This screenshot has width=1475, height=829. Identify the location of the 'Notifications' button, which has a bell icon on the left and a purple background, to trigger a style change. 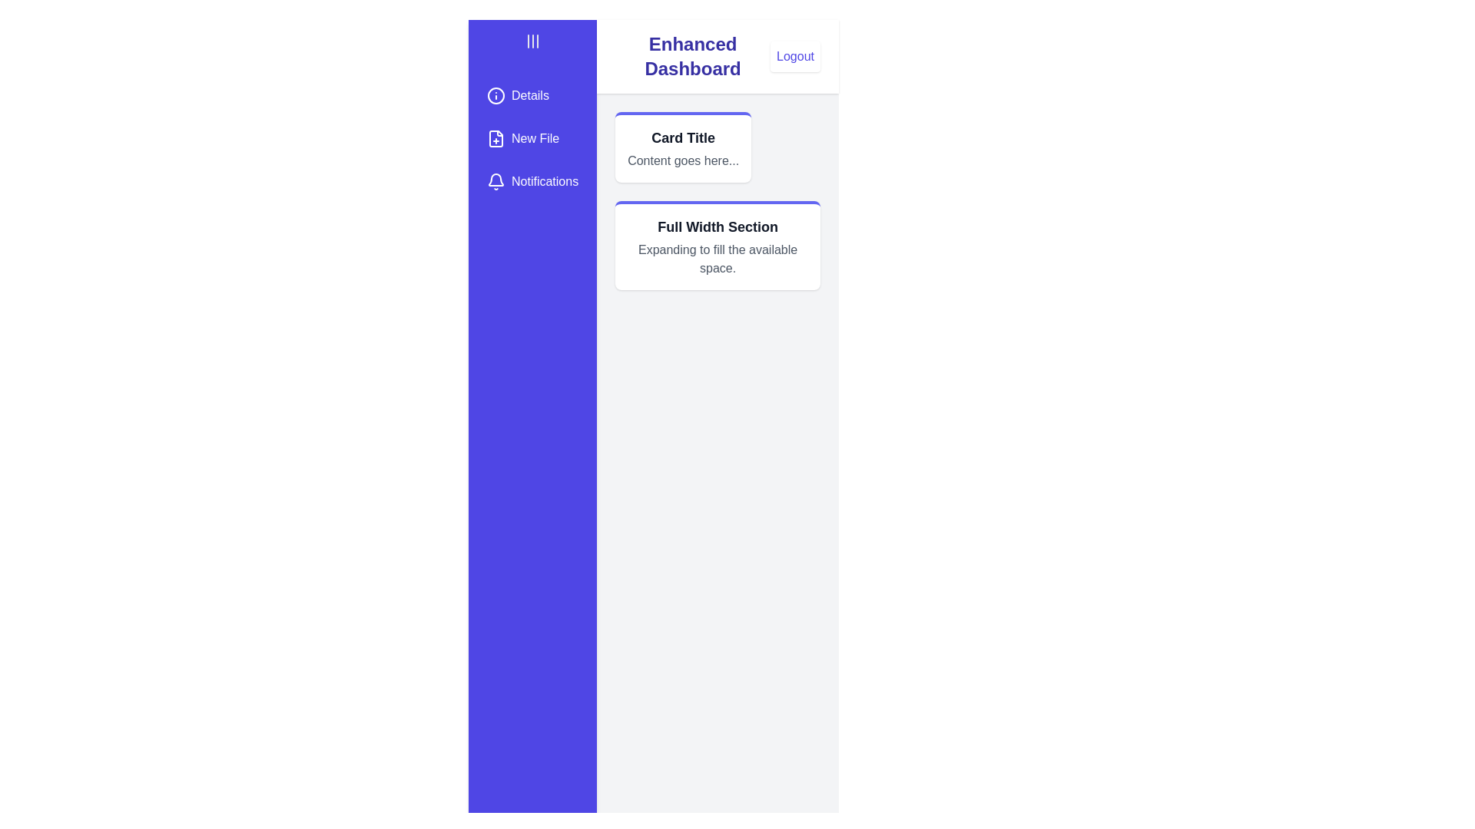
(532, 180).